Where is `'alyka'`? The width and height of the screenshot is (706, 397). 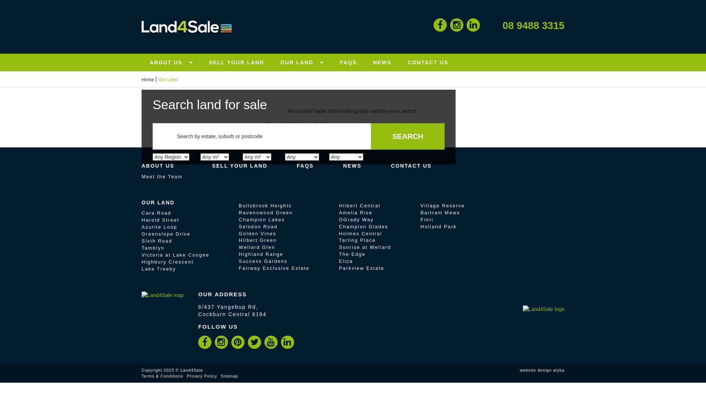 'alyka' is located at coordinates (553, 370).